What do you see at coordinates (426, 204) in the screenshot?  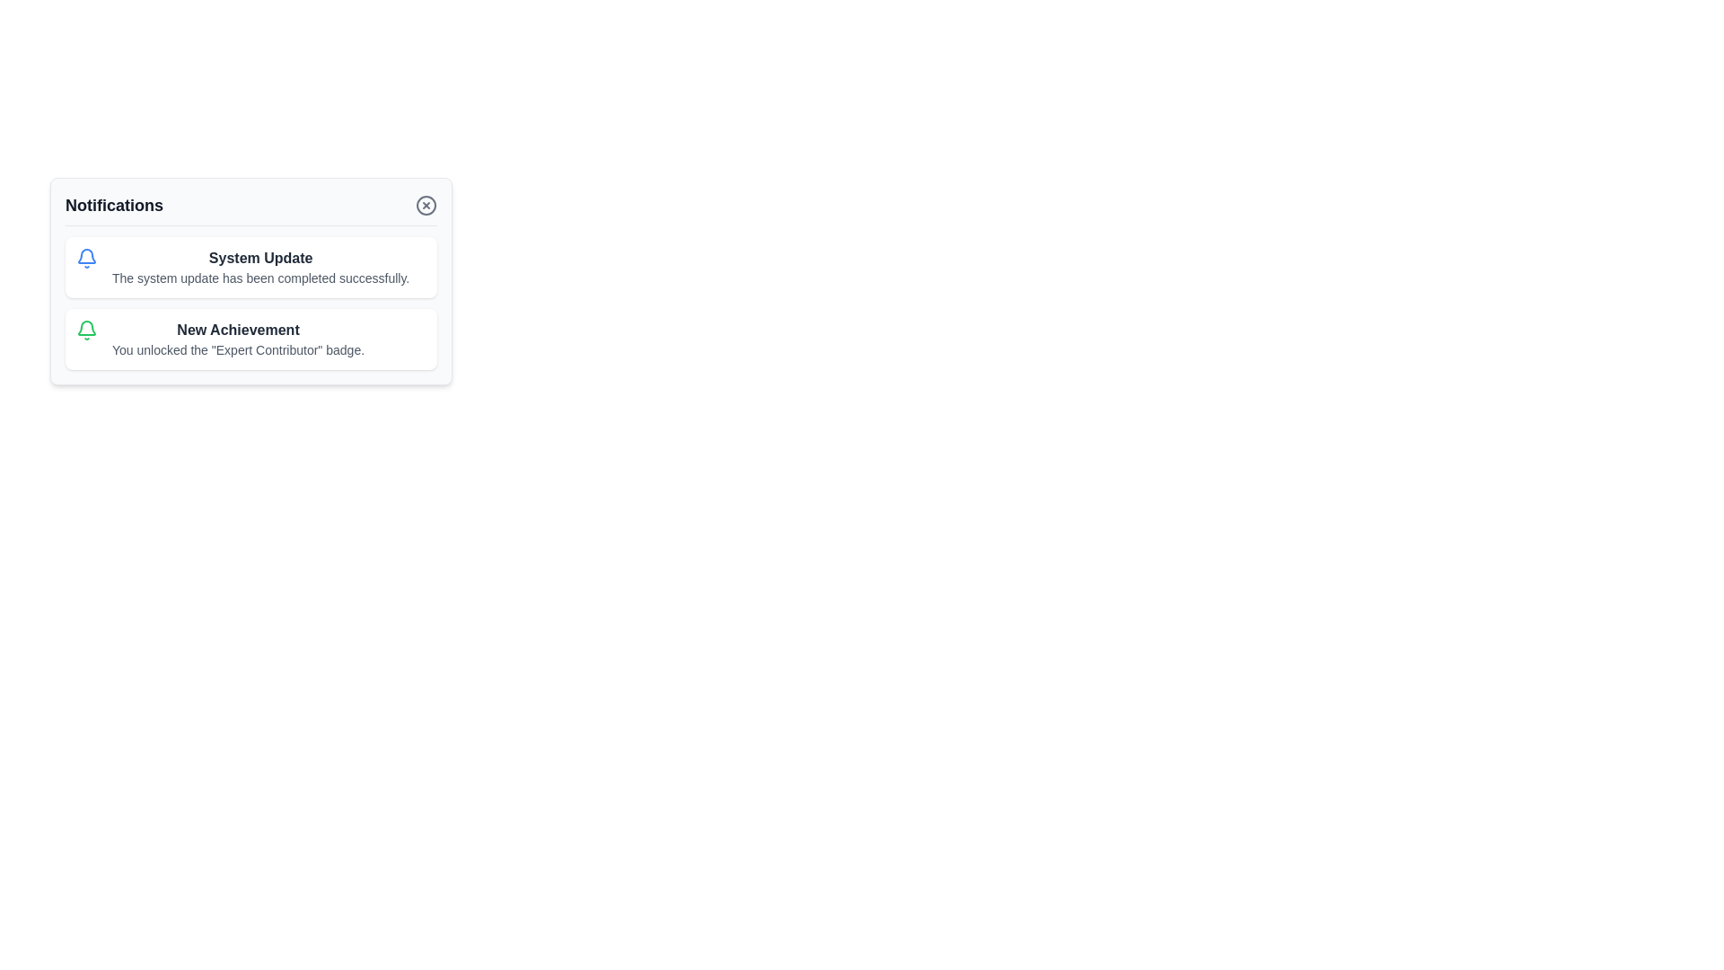 I see `the small circular button with an 'X' shape at its center, located in the top-right corner of the notifications panel header, next to the 'Notifications' text` at bounding box center [426, 204].